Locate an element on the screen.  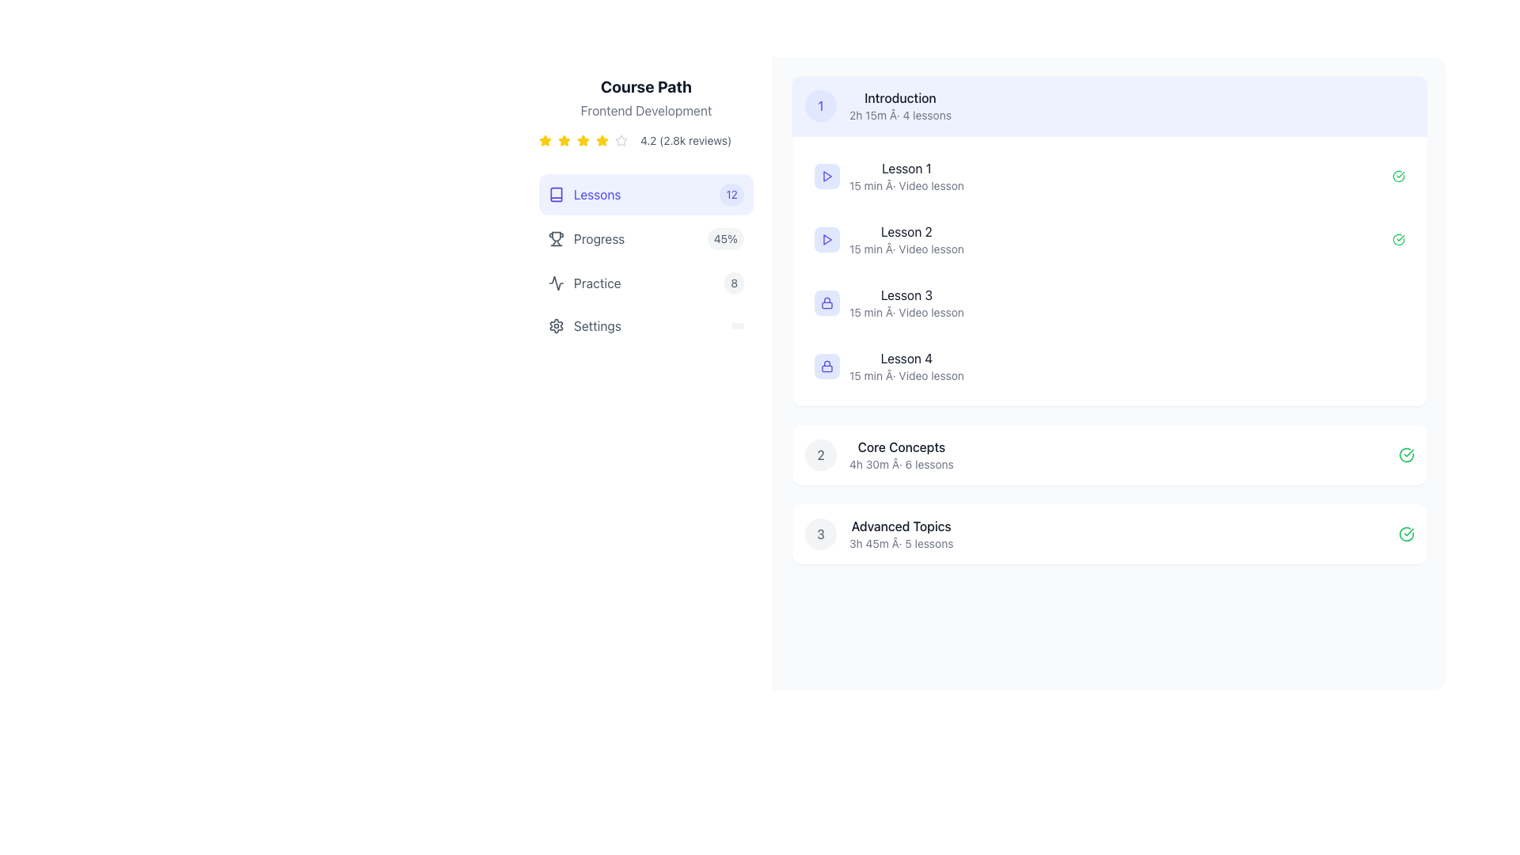
the third star icon in the 5-star rating display system, located above the 'Lessons' label is located at coordinates (583, 139).